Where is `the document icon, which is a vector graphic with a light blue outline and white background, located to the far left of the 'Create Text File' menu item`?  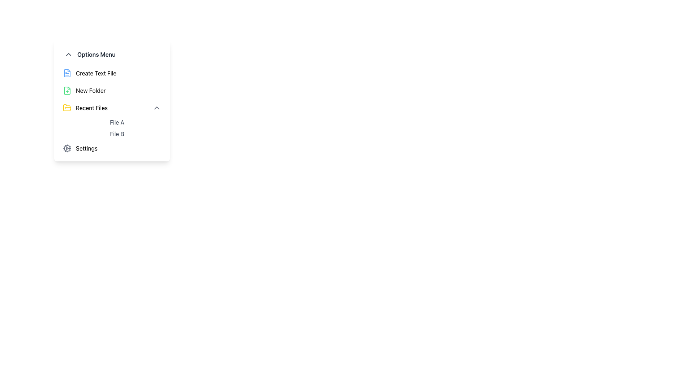
the document icon, which is a vector graphic with a light blue outline and white background, located to the far left of the 'Create Text File' menu item is located at coordinates (67, 73).